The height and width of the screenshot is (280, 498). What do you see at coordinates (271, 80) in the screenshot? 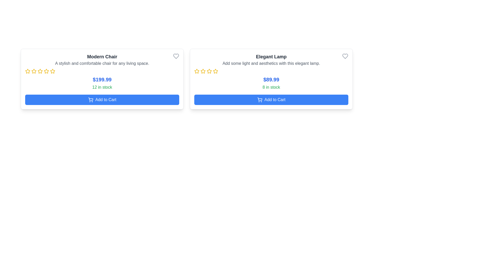
I see `the price display for the 'Elegant Lamp', which is located below the description text and star icons, and above the '8 in stock' text within its card` at bounding box center [271, 80].